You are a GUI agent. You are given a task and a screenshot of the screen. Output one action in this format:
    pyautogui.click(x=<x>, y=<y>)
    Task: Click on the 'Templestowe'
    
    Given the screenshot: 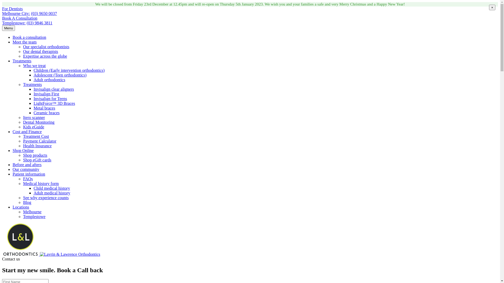 What is the action you would take?
    pyautogui.click(x=34, y=216)
    